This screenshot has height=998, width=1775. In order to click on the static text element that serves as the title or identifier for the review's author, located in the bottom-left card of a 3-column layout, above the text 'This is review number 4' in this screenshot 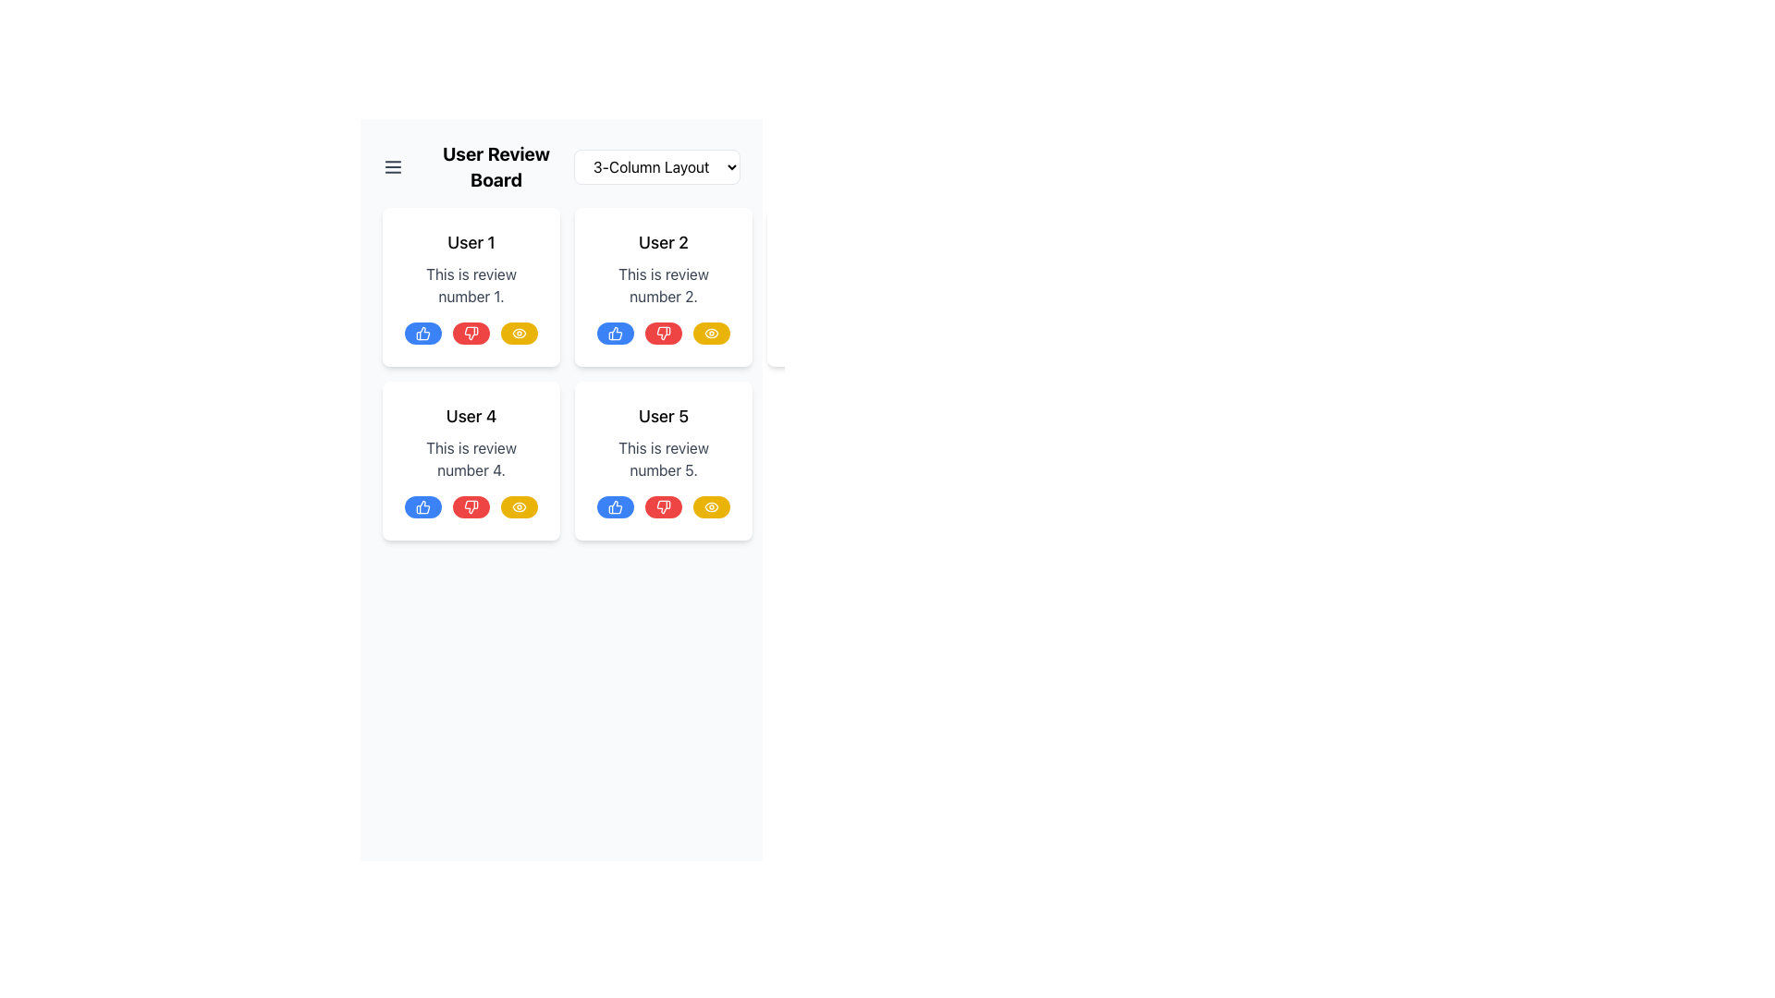, I will do `click(471, 417)`.